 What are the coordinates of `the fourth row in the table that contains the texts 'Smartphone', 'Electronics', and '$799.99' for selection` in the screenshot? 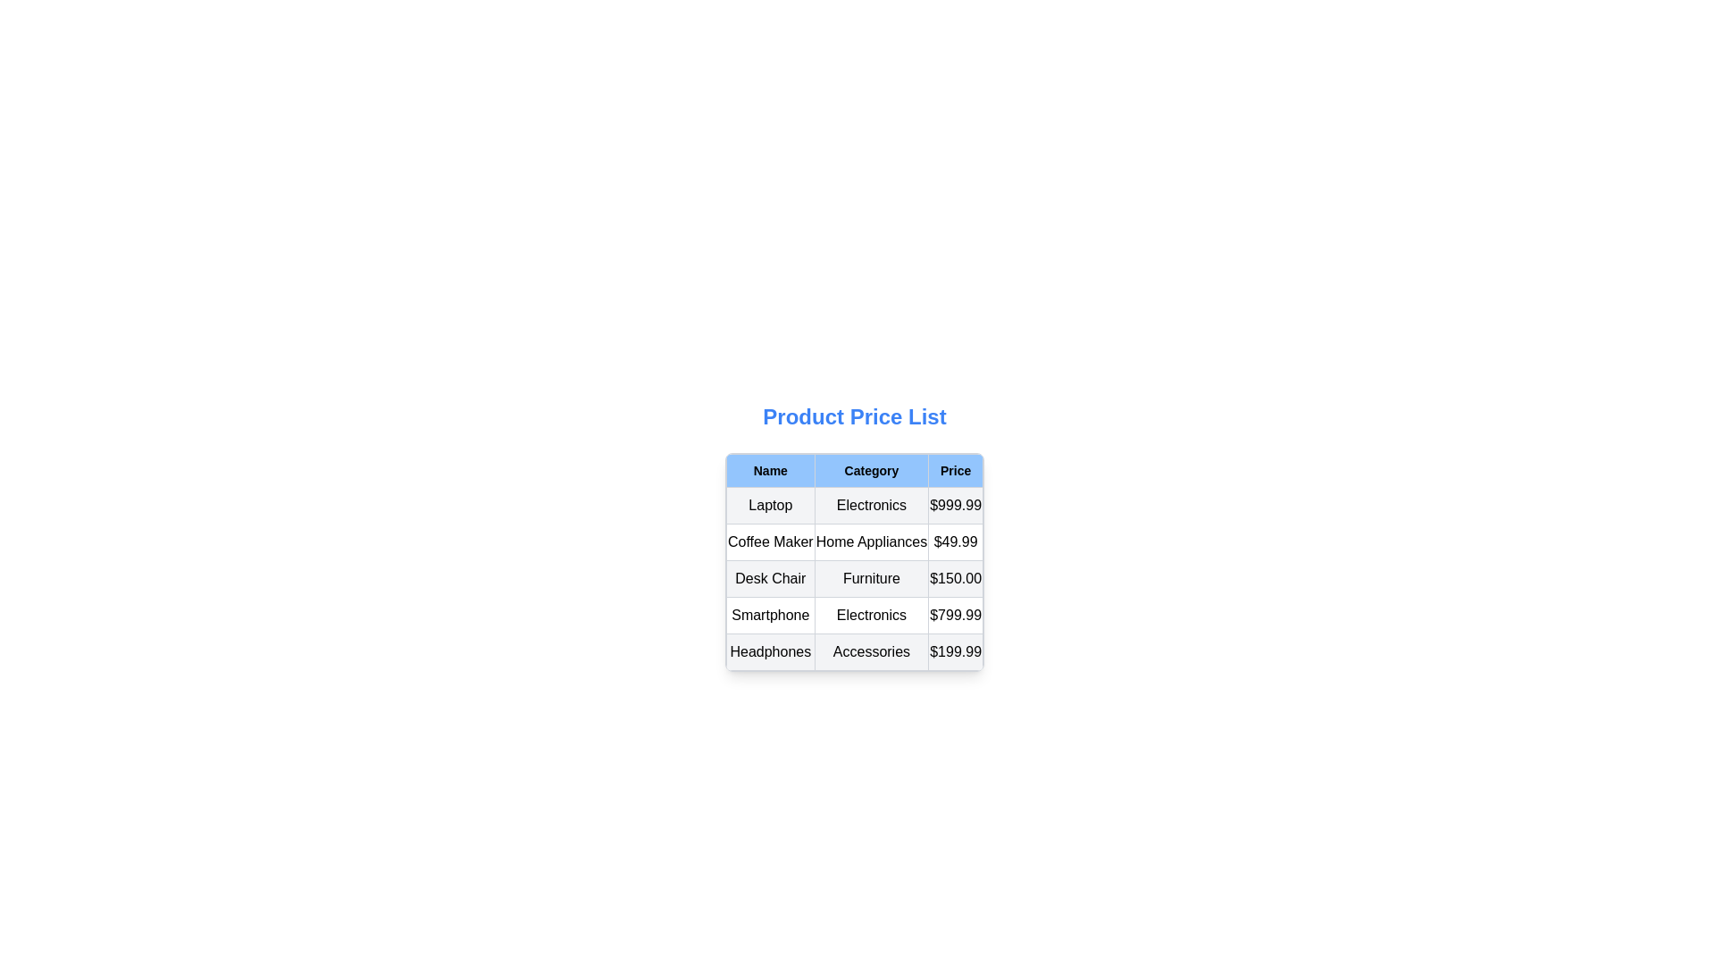 It's located at (853, 615).